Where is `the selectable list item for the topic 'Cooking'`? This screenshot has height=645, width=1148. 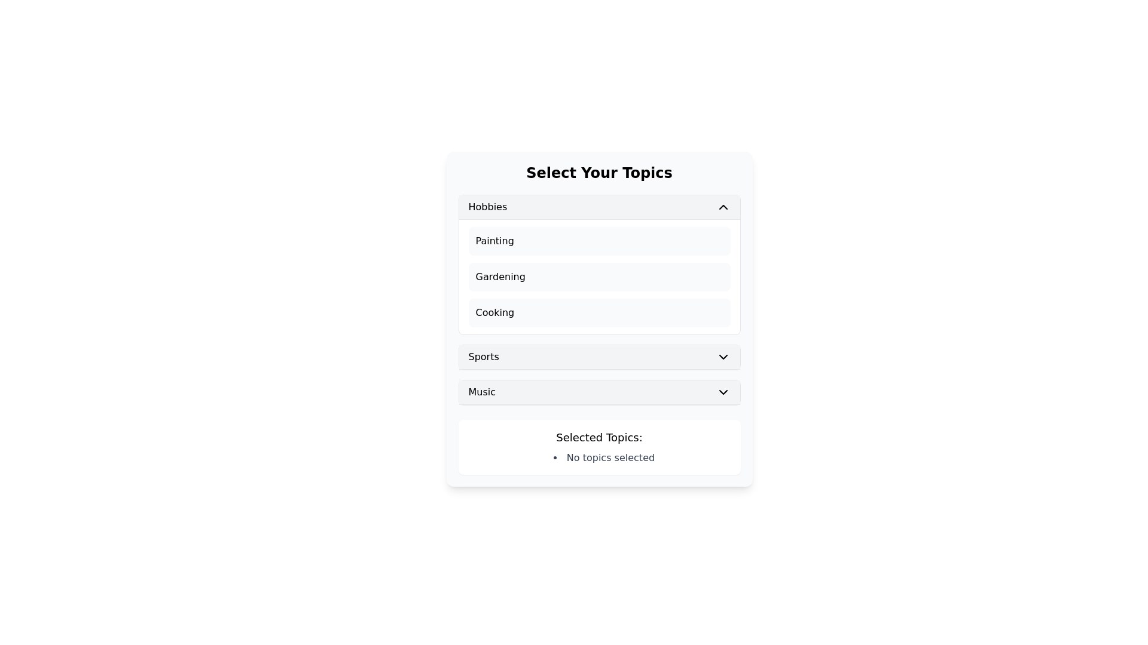 the selectable list item for the topic 'Cooking' is located at coordinates (494, 312).